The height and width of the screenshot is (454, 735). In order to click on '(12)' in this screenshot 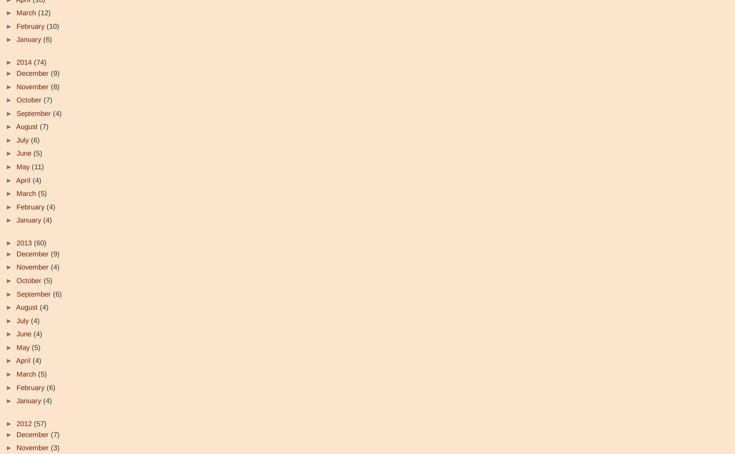, I will do `click(44, 12)`.